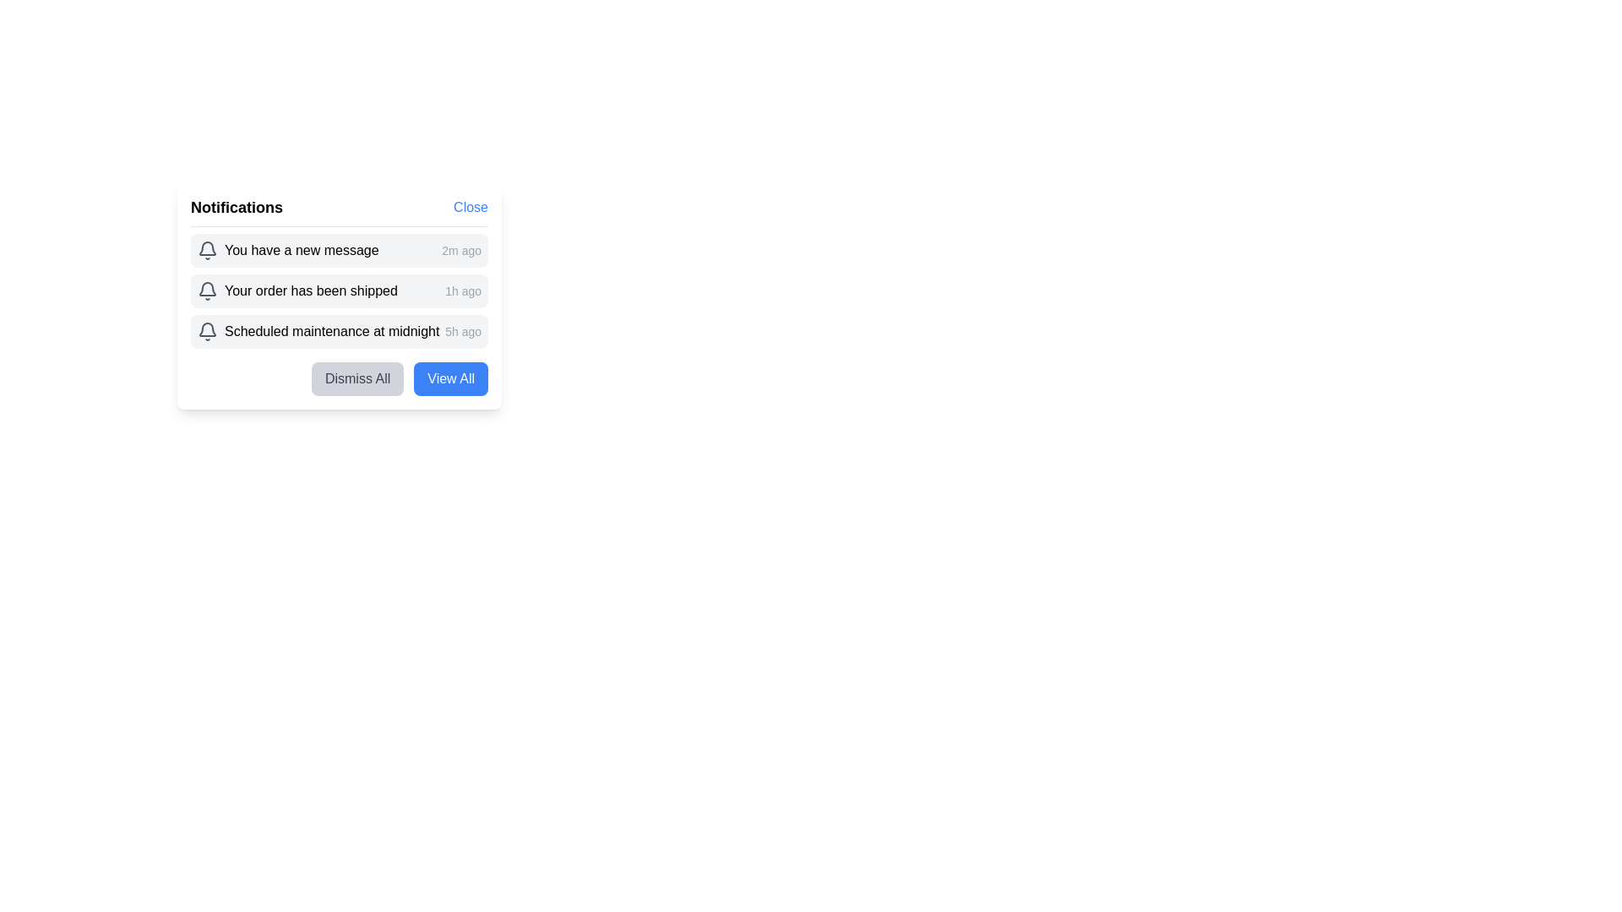  Describe the element at coordinates (302, 251) in the screenshot. I see `the notification message text label that indicates a new message, positioned between a bell icon on the left and '2m ago' on the right` at that location.